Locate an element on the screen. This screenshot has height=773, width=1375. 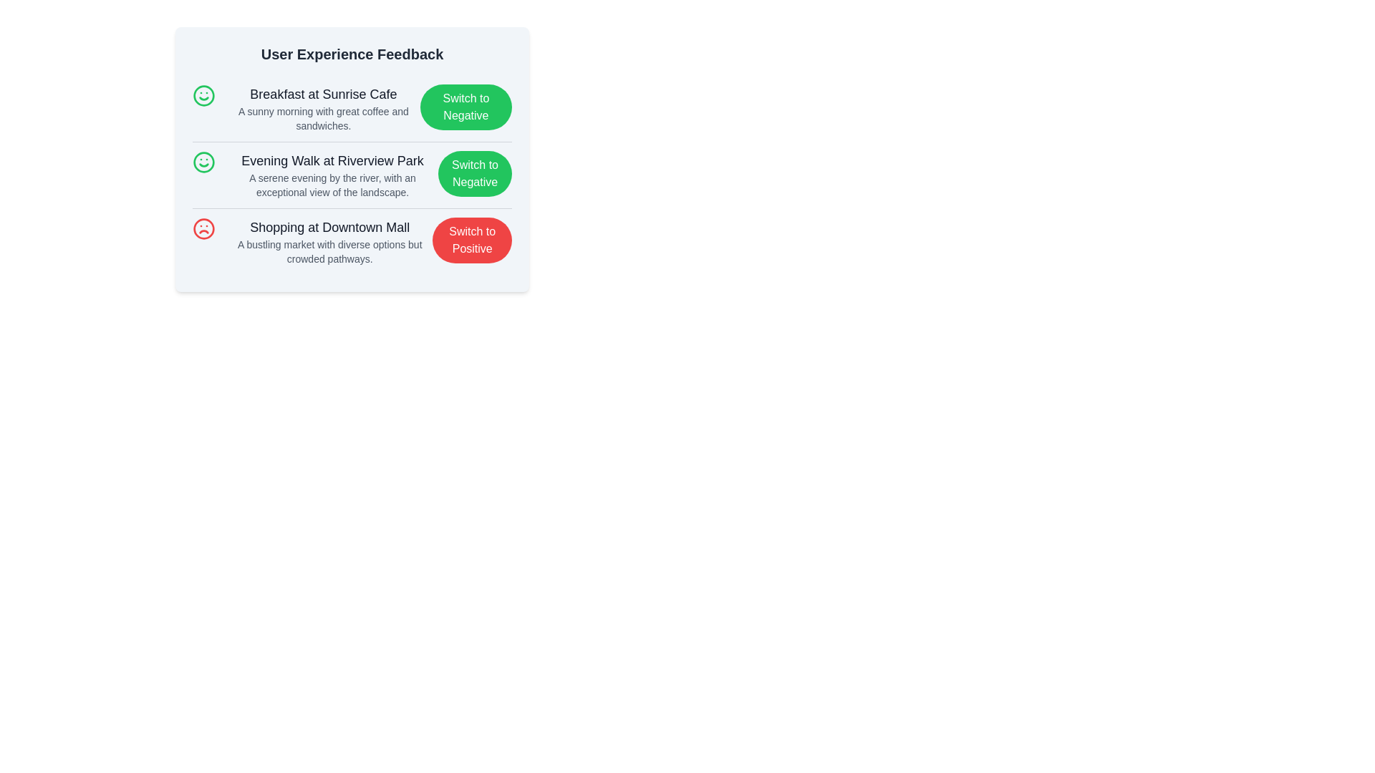
the sentiment icon for Breakfast at Sunrise Cafe is located at coordinates (203, 96).